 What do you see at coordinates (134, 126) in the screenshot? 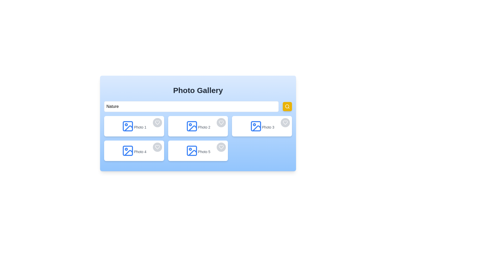
I see `the photo card titled 'Photo 1' located in the first row and first column of the photo gallery grid` at bounding box center [134, 126].